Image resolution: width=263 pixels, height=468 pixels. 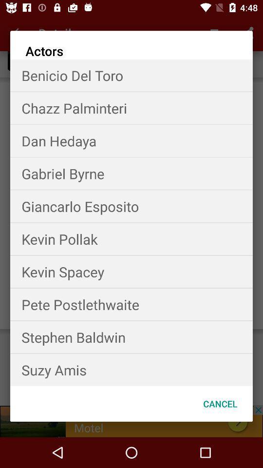 What do you see at coordinates (131, 272) in the screenshot?
I see `item above    pete postlethwaite icon` at bounding box center [131, 272].